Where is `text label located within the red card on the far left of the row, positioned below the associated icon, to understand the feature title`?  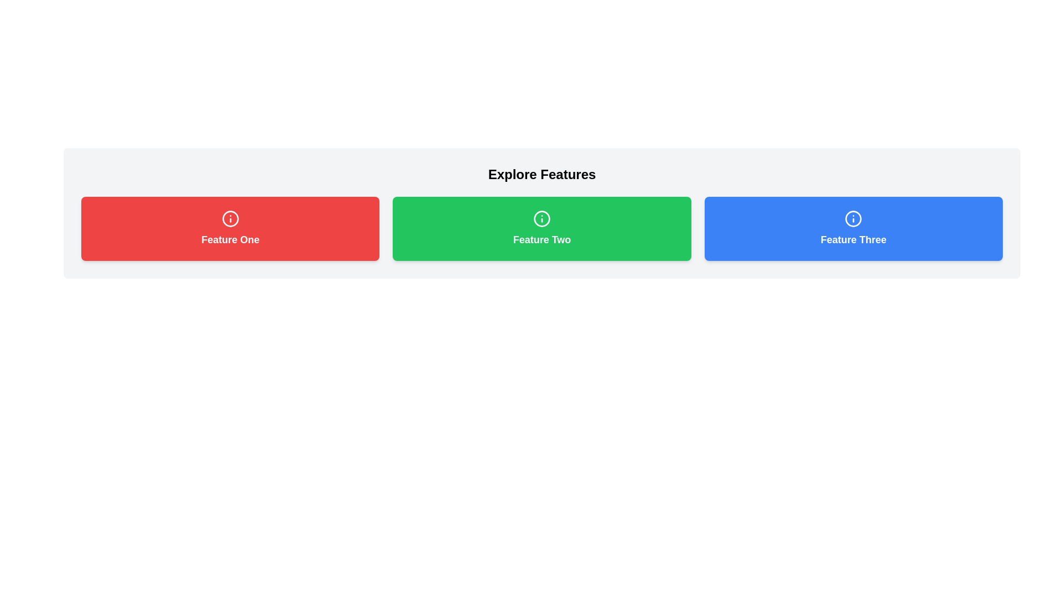 text label located within the red card on the far left of the row, positioned below the associated icon, to understand the feature title is located at coordinates (230, 239).